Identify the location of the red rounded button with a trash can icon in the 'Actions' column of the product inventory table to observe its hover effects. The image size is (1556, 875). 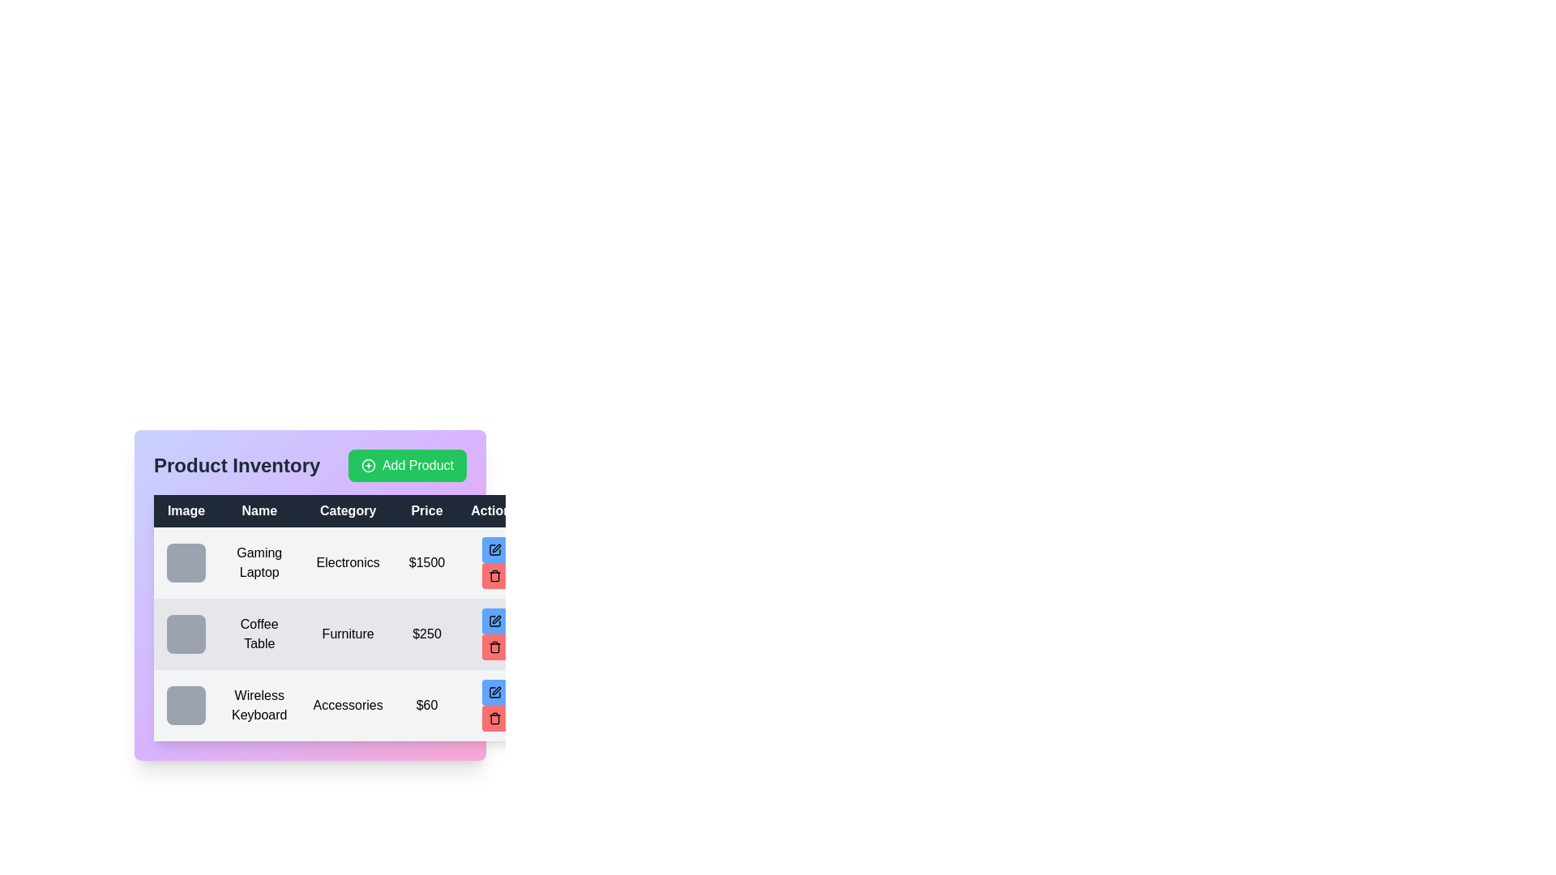
(494, 646).